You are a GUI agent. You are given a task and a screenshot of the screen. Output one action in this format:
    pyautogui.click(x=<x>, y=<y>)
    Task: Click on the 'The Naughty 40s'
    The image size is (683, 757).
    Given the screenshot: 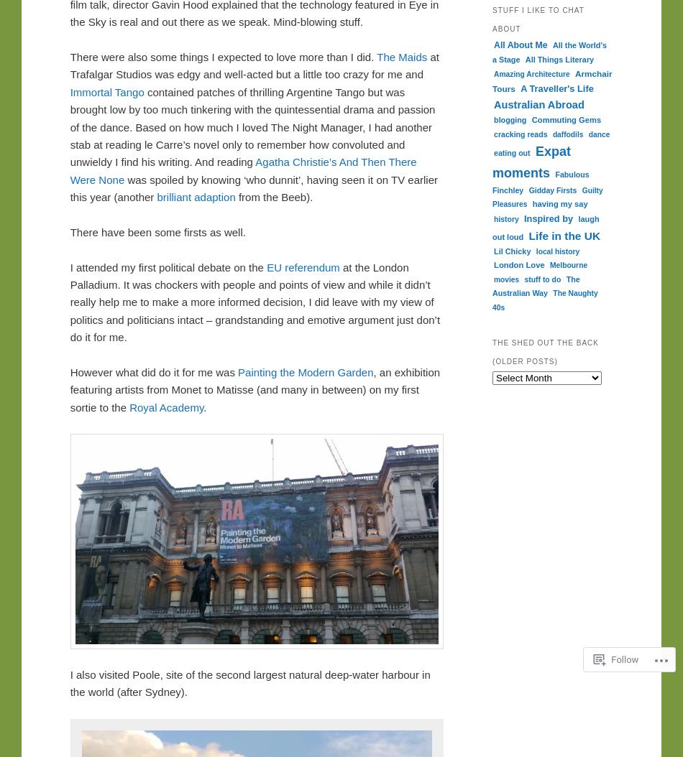 What is the action you would take?
    pyautogui.click(x=544, y=299)
    